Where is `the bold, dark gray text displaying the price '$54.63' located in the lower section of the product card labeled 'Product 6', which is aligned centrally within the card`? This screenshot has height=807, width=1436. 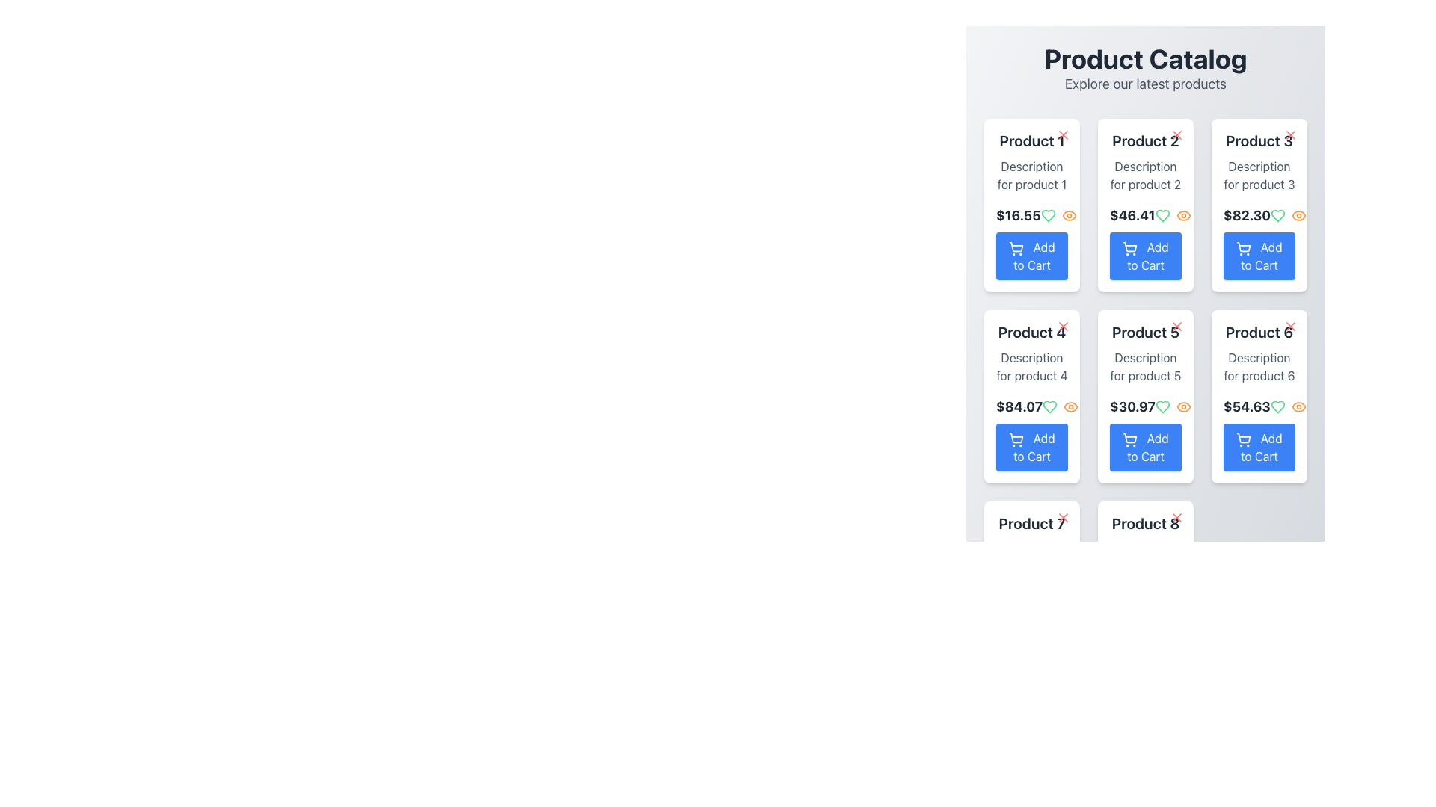
the bold, dark gray text displaying the price '$54.63' located in the lower section of the product card labeled 'Product 6', which is aligned centrally within the card is located at coordinates (1247, 406).